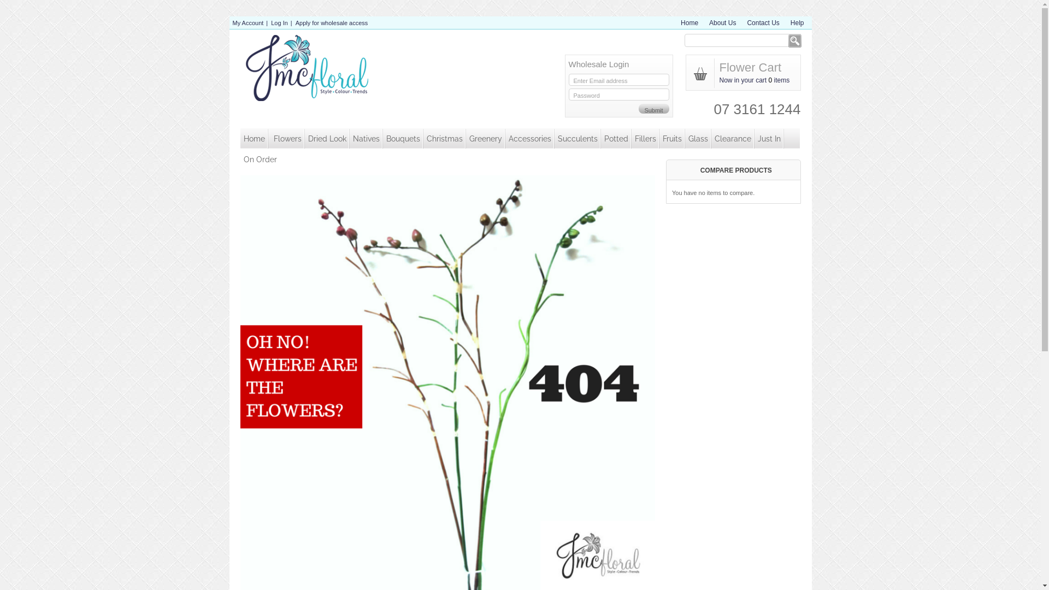 The width and height of the screenshot is (1049, 590). Describe the element at coordinates (765, 23) in the screenshot. I see `'Contact Us'` at that location.